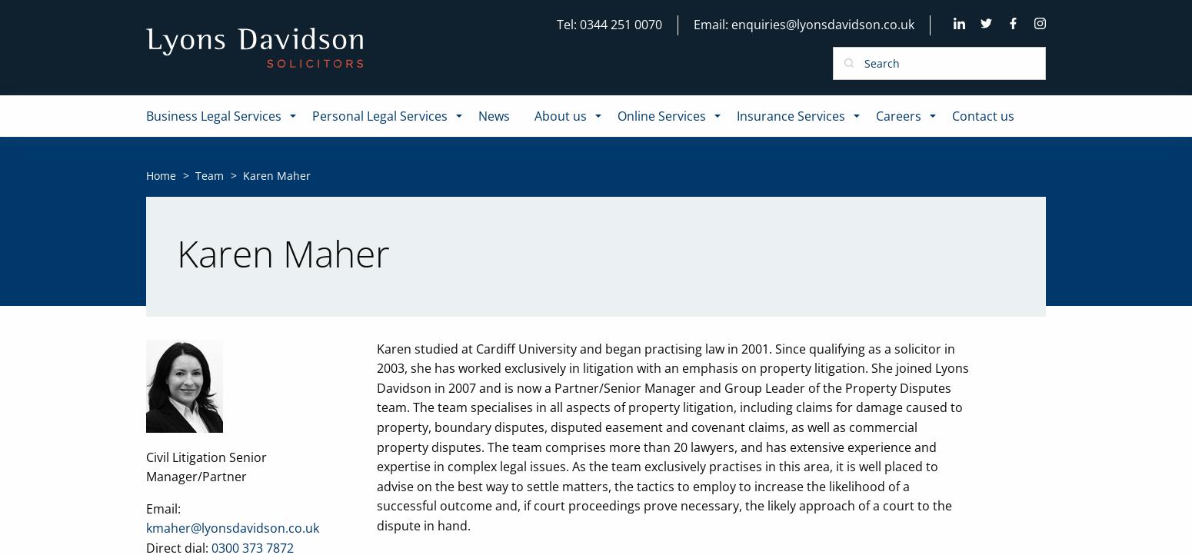 This screenshot has height=555, width=1192. I want to click on 'kmaher@lyonsdavidson.co.uk', so click(232, 527).